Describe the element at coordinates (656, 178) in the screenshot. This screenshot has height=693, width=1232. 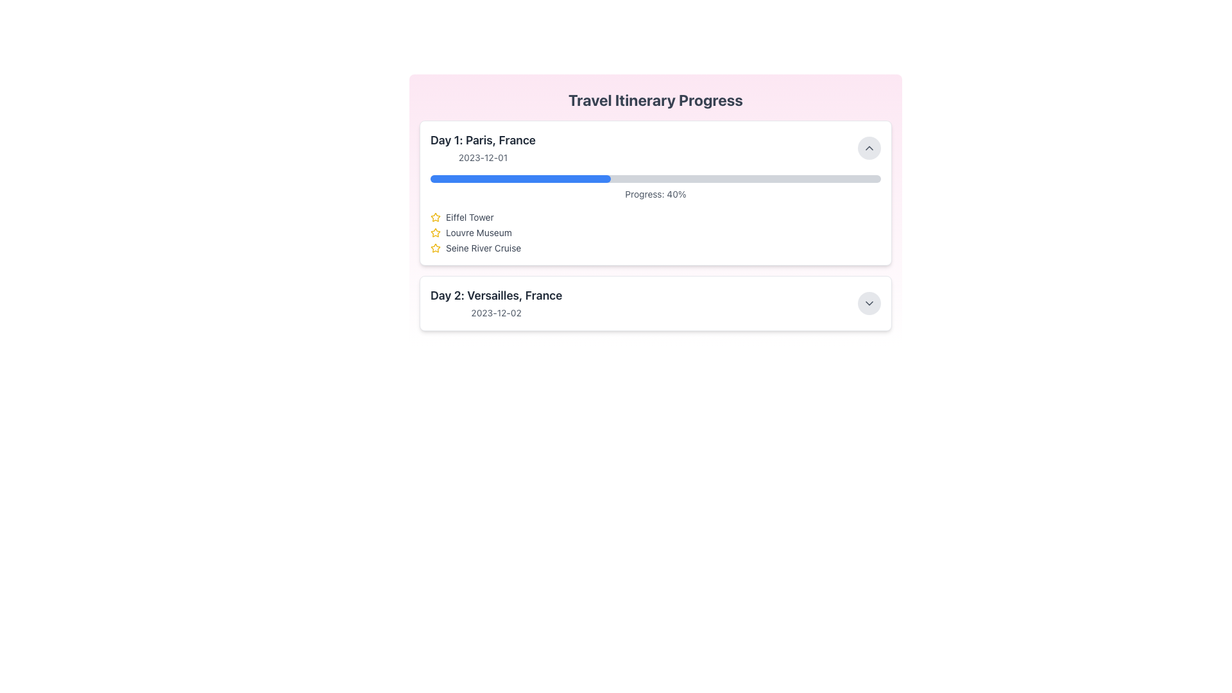
I see `the progress visually on the progress bar located in the 'Day 1: Paris, France' section, which shows a completion percentage of 40%` at that location.